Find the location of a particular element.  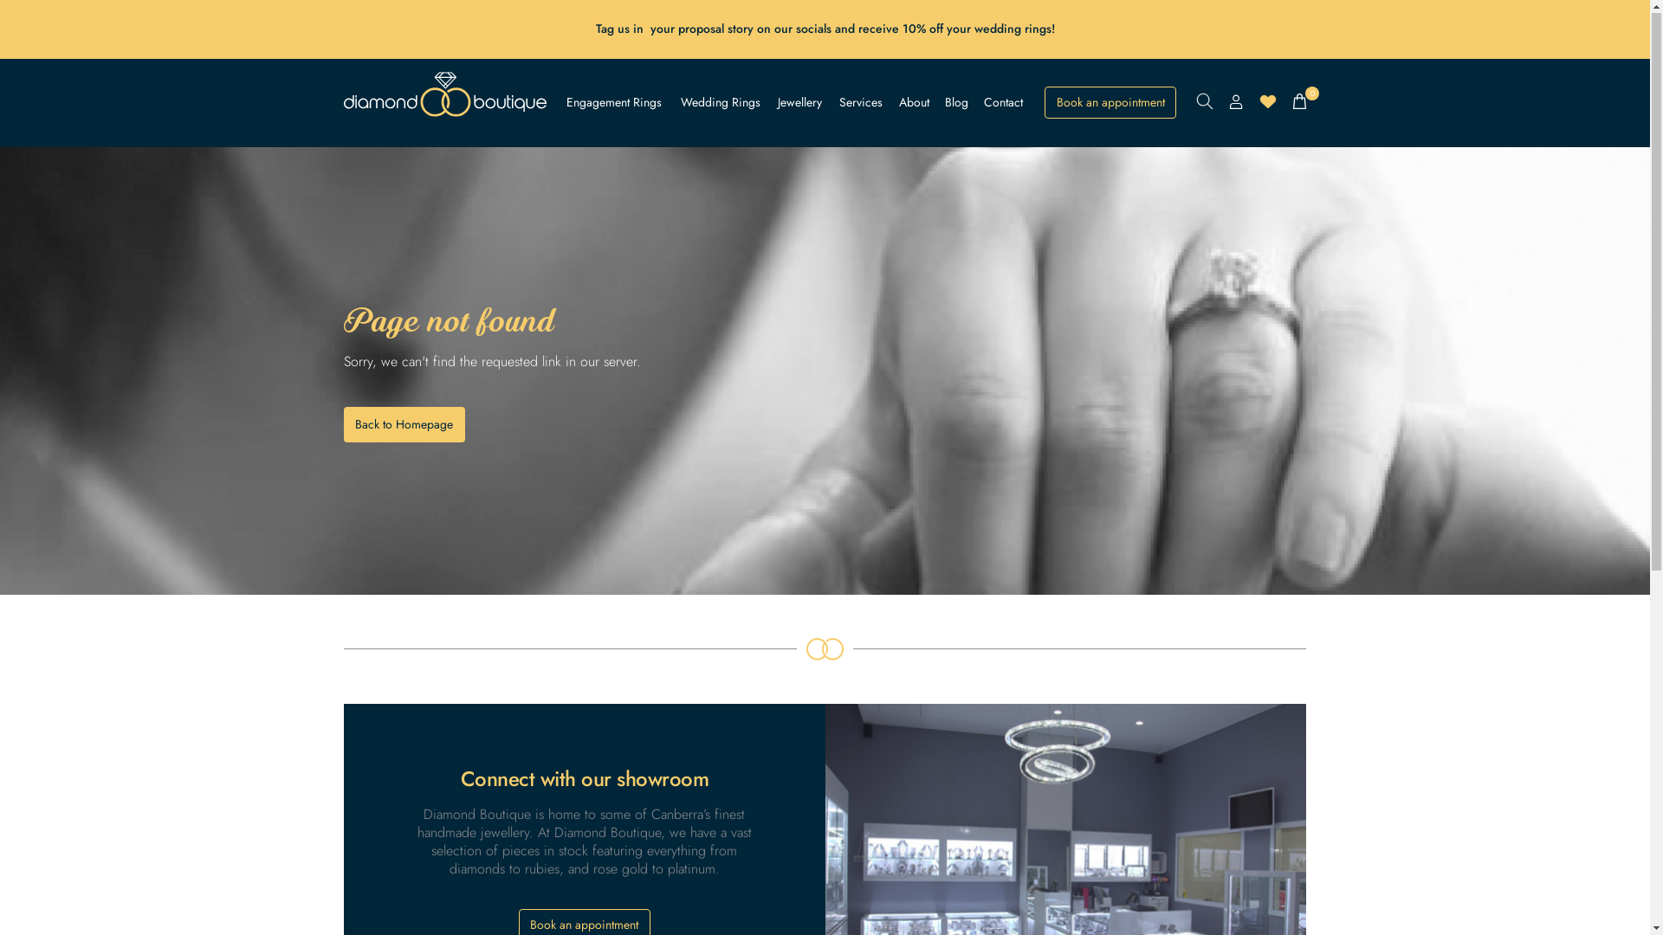

'Blog' is located at coordinates (955, 103).